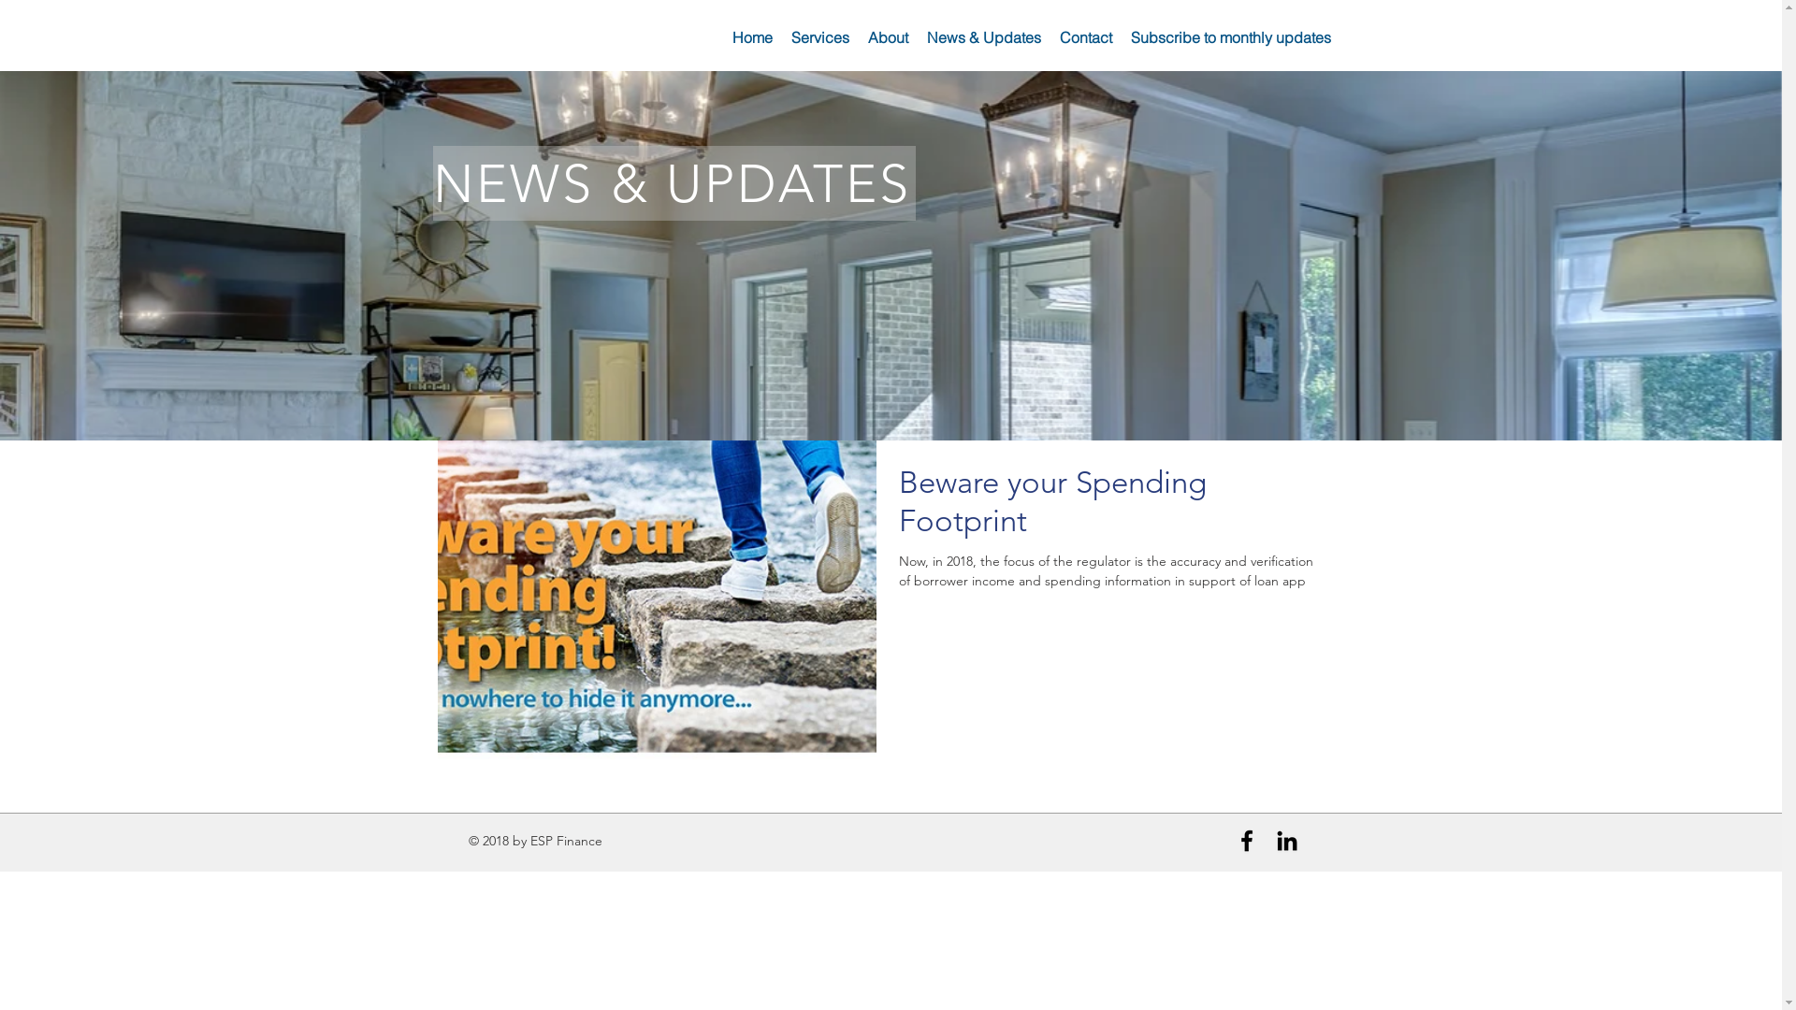 The width and height of the screenshot is (1796, 1010). What do you see at coordinates (1109, 507) in the screenshot?
I see `'Beware your Spending Footprint'` at bounding box center [1109, 507].